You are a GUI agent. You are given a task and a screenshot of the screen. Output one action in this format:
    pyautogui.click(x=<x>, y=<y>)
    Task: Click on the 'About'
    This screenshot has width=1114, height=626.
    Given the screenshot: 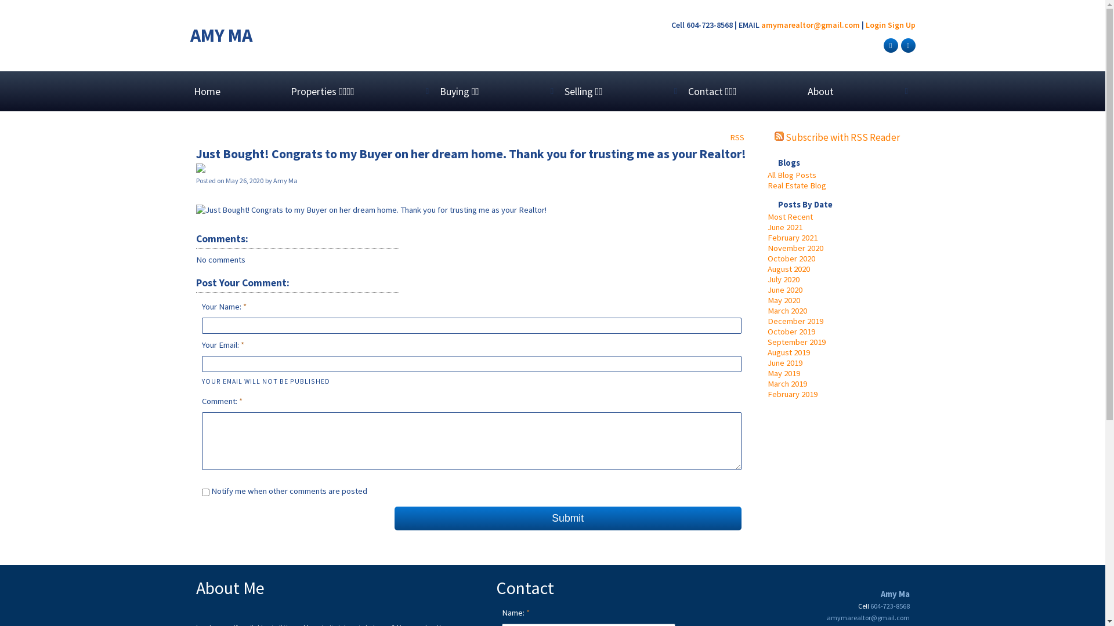 What is the action you would take?
    pyautogui.click(x=820, y=90)
    